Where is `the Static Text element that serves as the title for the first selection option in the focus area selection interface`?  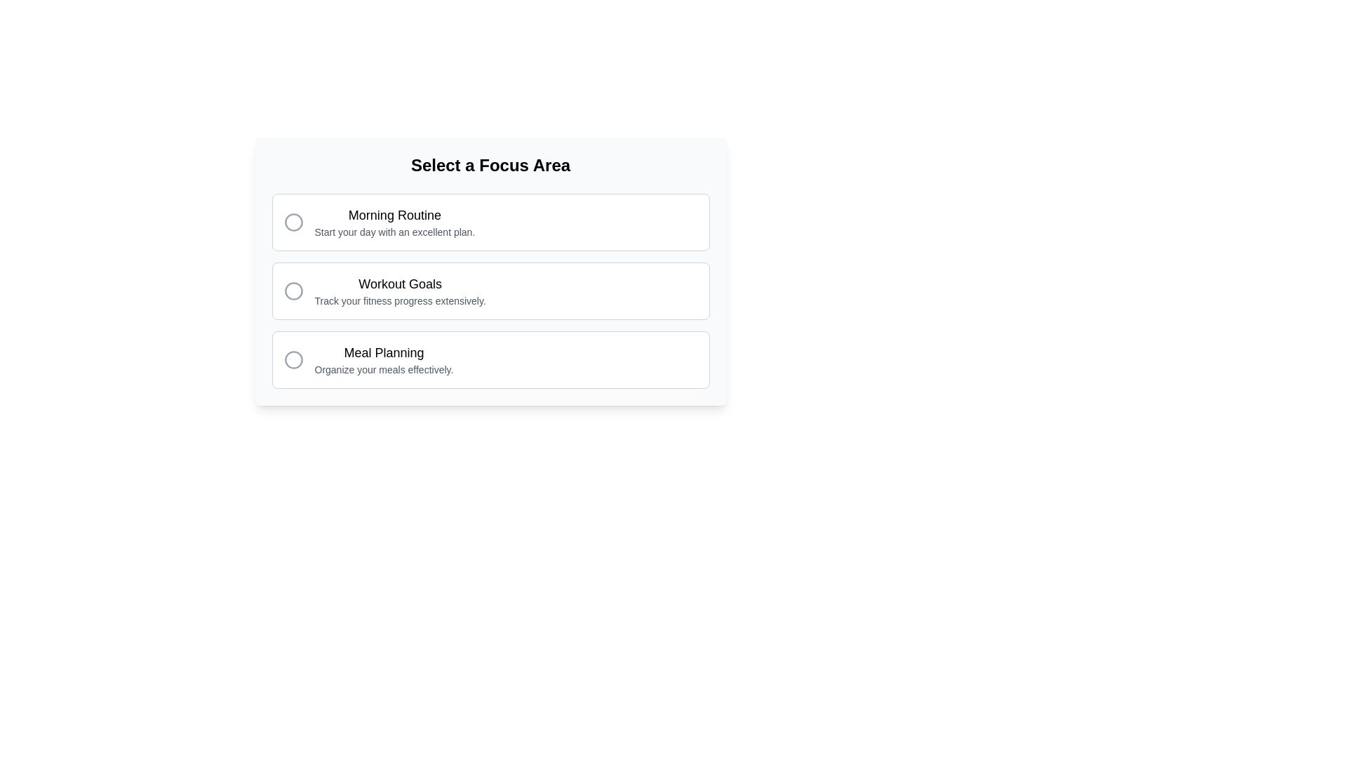 the Static Text element that serves as the title for the first selection option in the focus area selection interface is located at coordinates (394, 215).